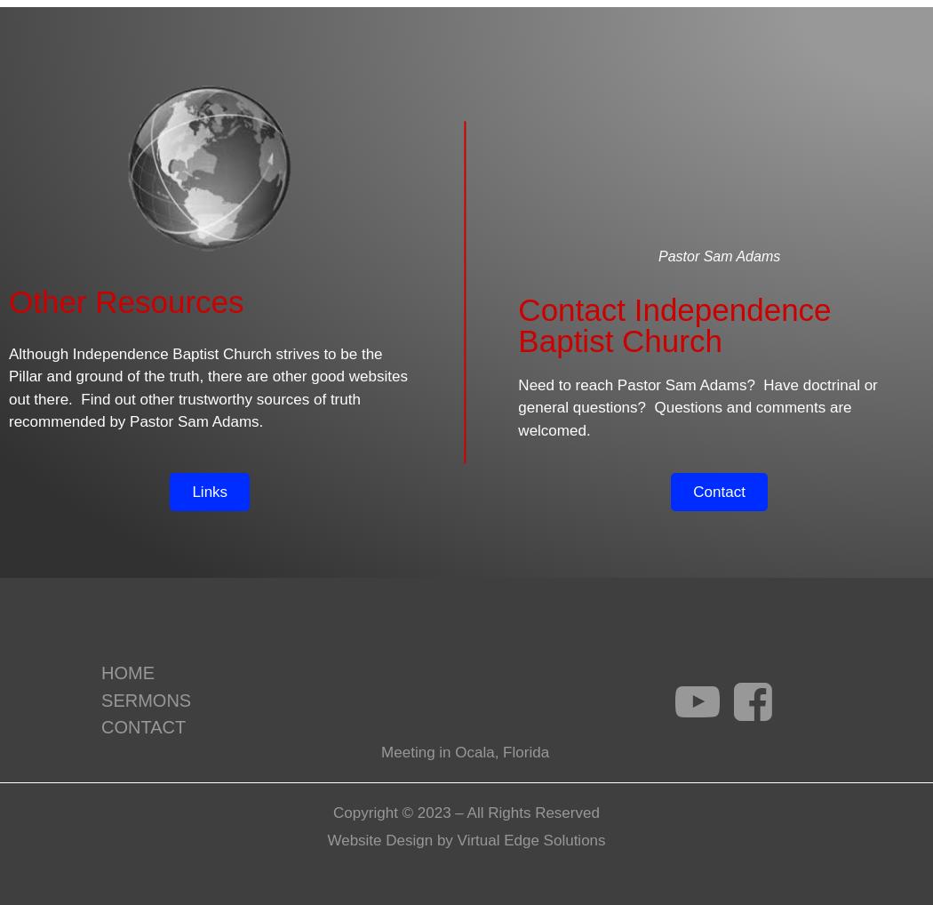 The image size is (933, 905). What do you see at coordinates (124, 300) in the screenshot?
I see `'Other Resources'` at bounding box center [124, 300].